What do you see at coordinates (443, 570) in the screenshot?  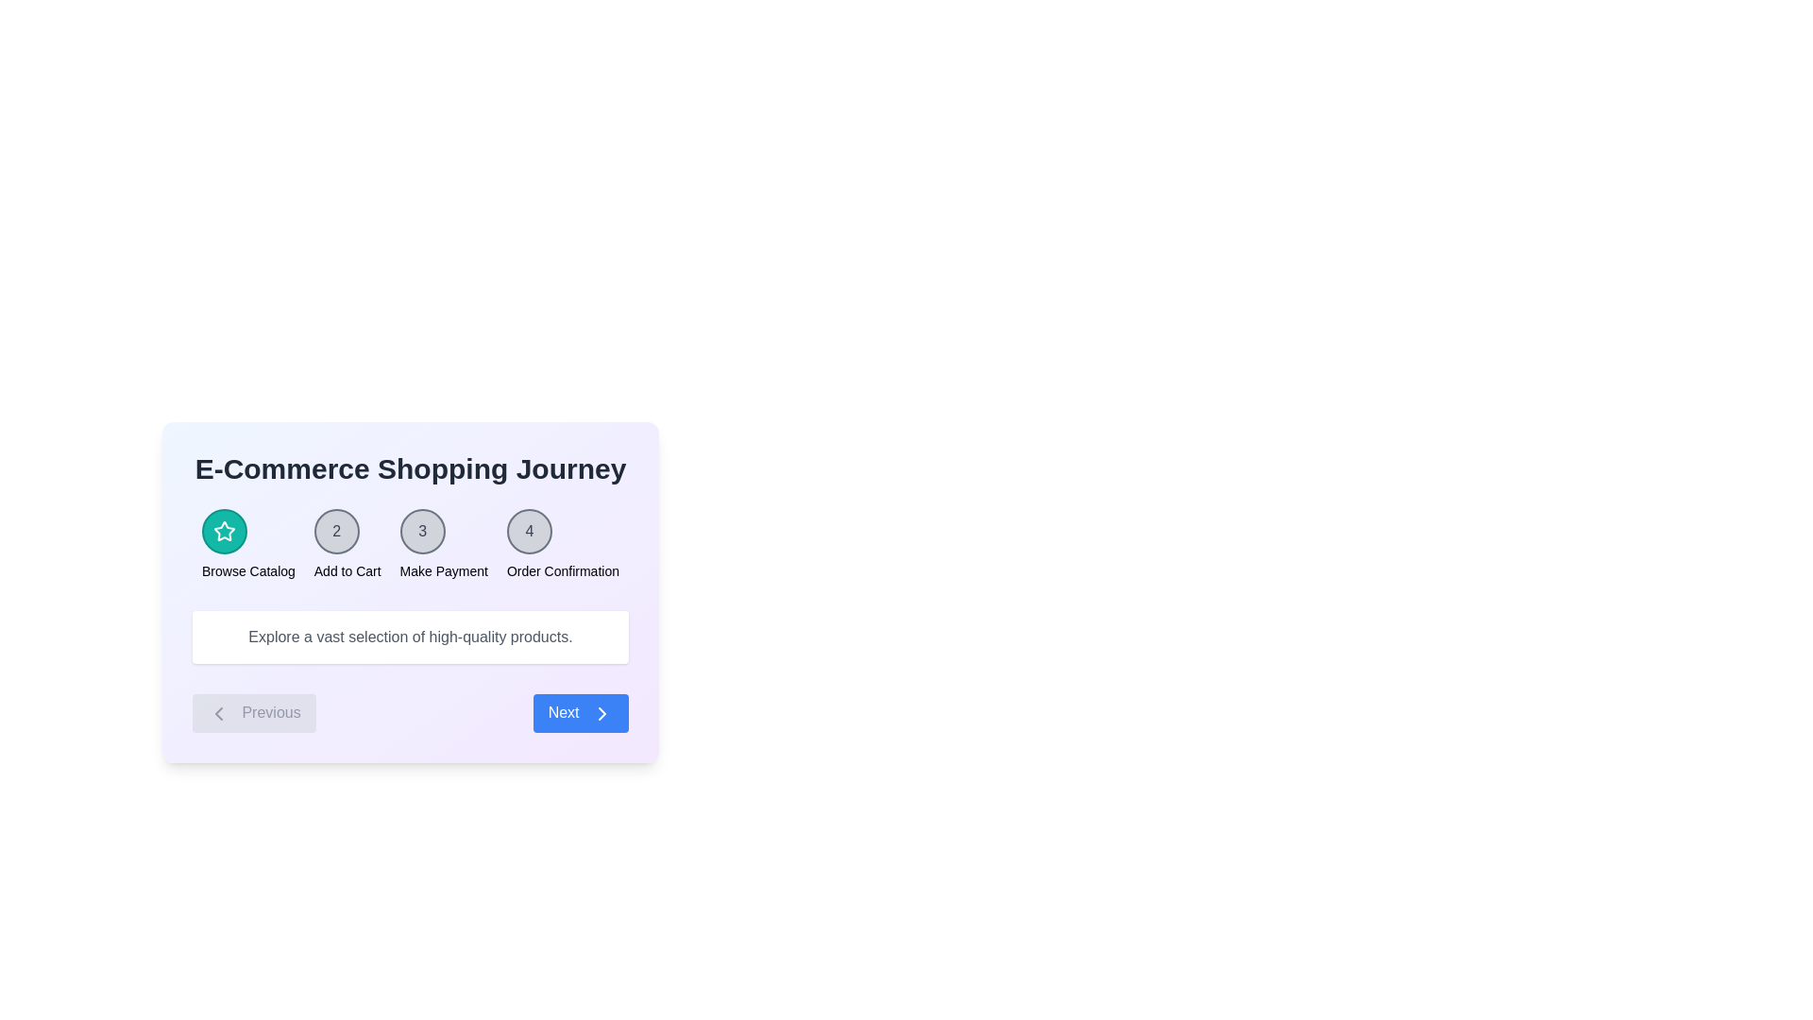 I see `the 'Make Payment' text label element displayed in black font, positioned below the circular step indicator labeled '3' in the E-Commerce Shopping Journey UI` at bounding box center [443, 570].